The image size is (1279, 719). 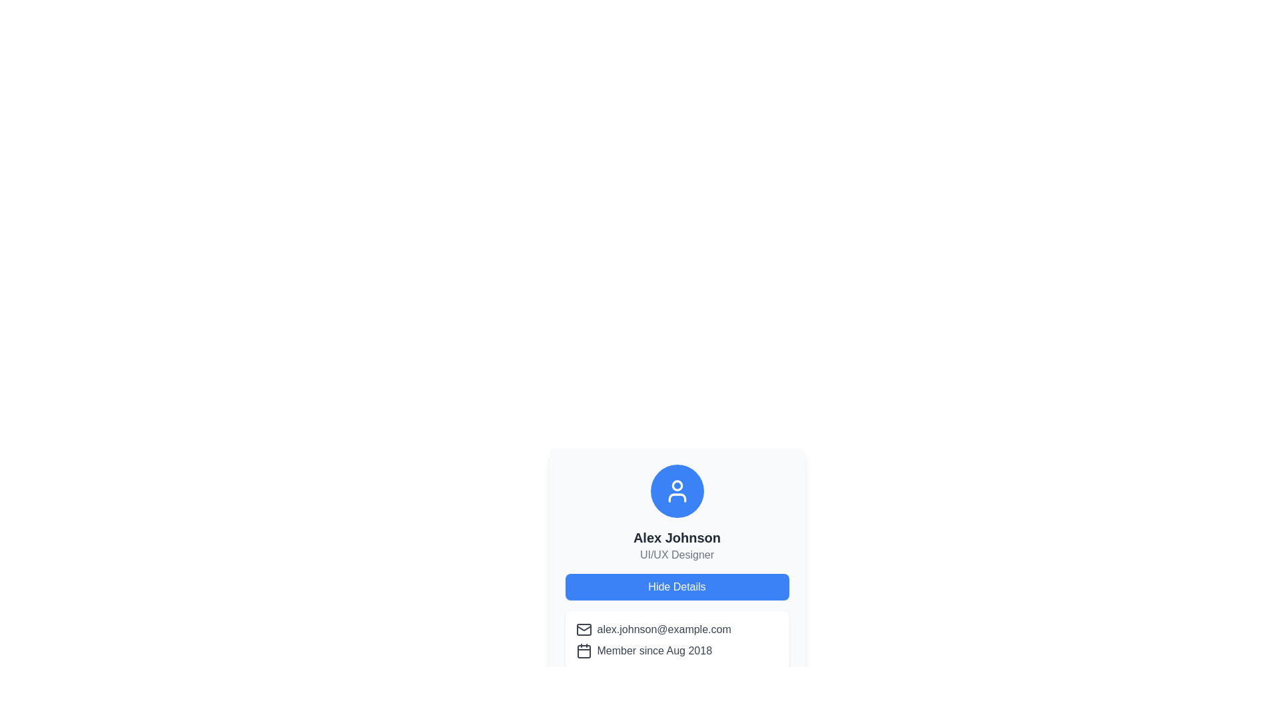 What do you see at coordinates (677, 555) in the screenshot?
I see `the text label displaying the job title or professional role of the individual, located beneath the 'Alex Johnson' label in the profile section` at bounding box center [677, 555].